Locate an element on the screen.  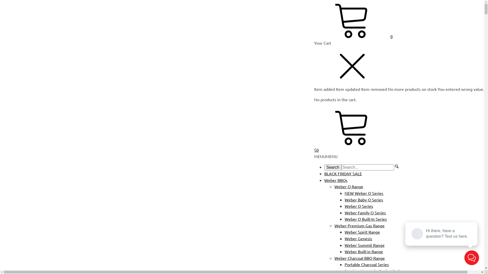
'Weber Summit Range' is located at coordinates (364, 245).